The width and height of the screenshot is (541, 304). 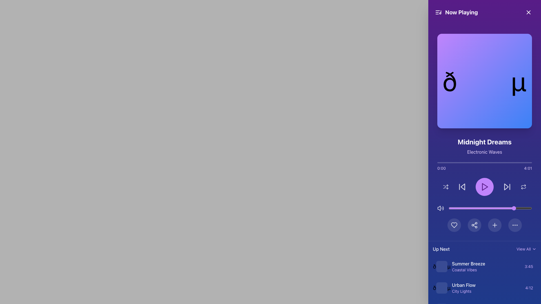 I want to click on the small text label displaying the time '4:01', which is styled in light purple on a dark purple background, located at the far-right side of the music playback interface timeline, so click(x=528, y=168).